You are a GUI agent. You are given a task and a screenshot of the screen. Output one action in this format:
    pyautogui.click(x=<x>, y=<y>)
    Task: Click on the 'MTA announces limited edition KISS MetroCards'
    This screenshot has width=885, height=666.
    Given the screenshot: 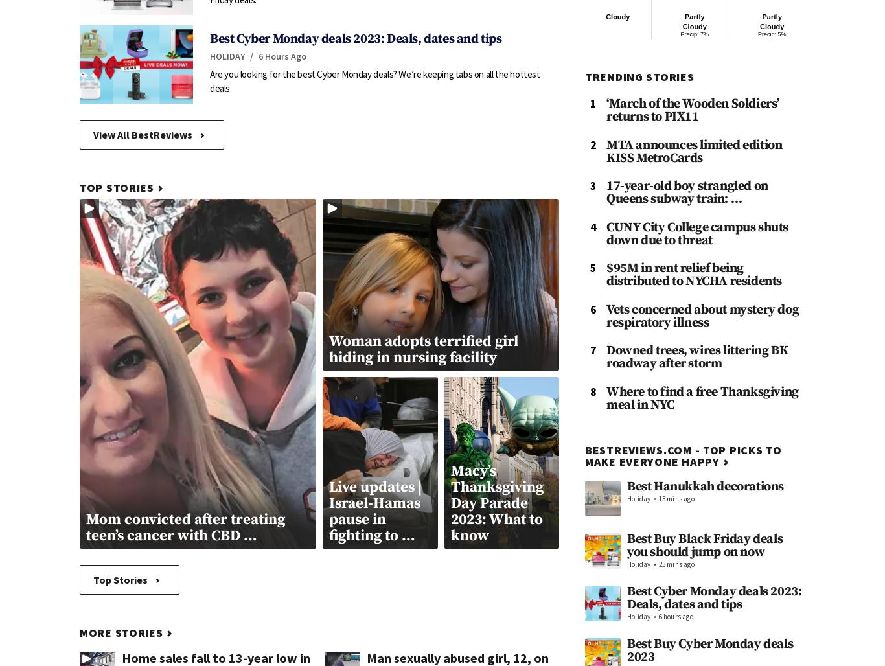 What is the action you would take?
    pyautogui.click(x=693, y=150)
    